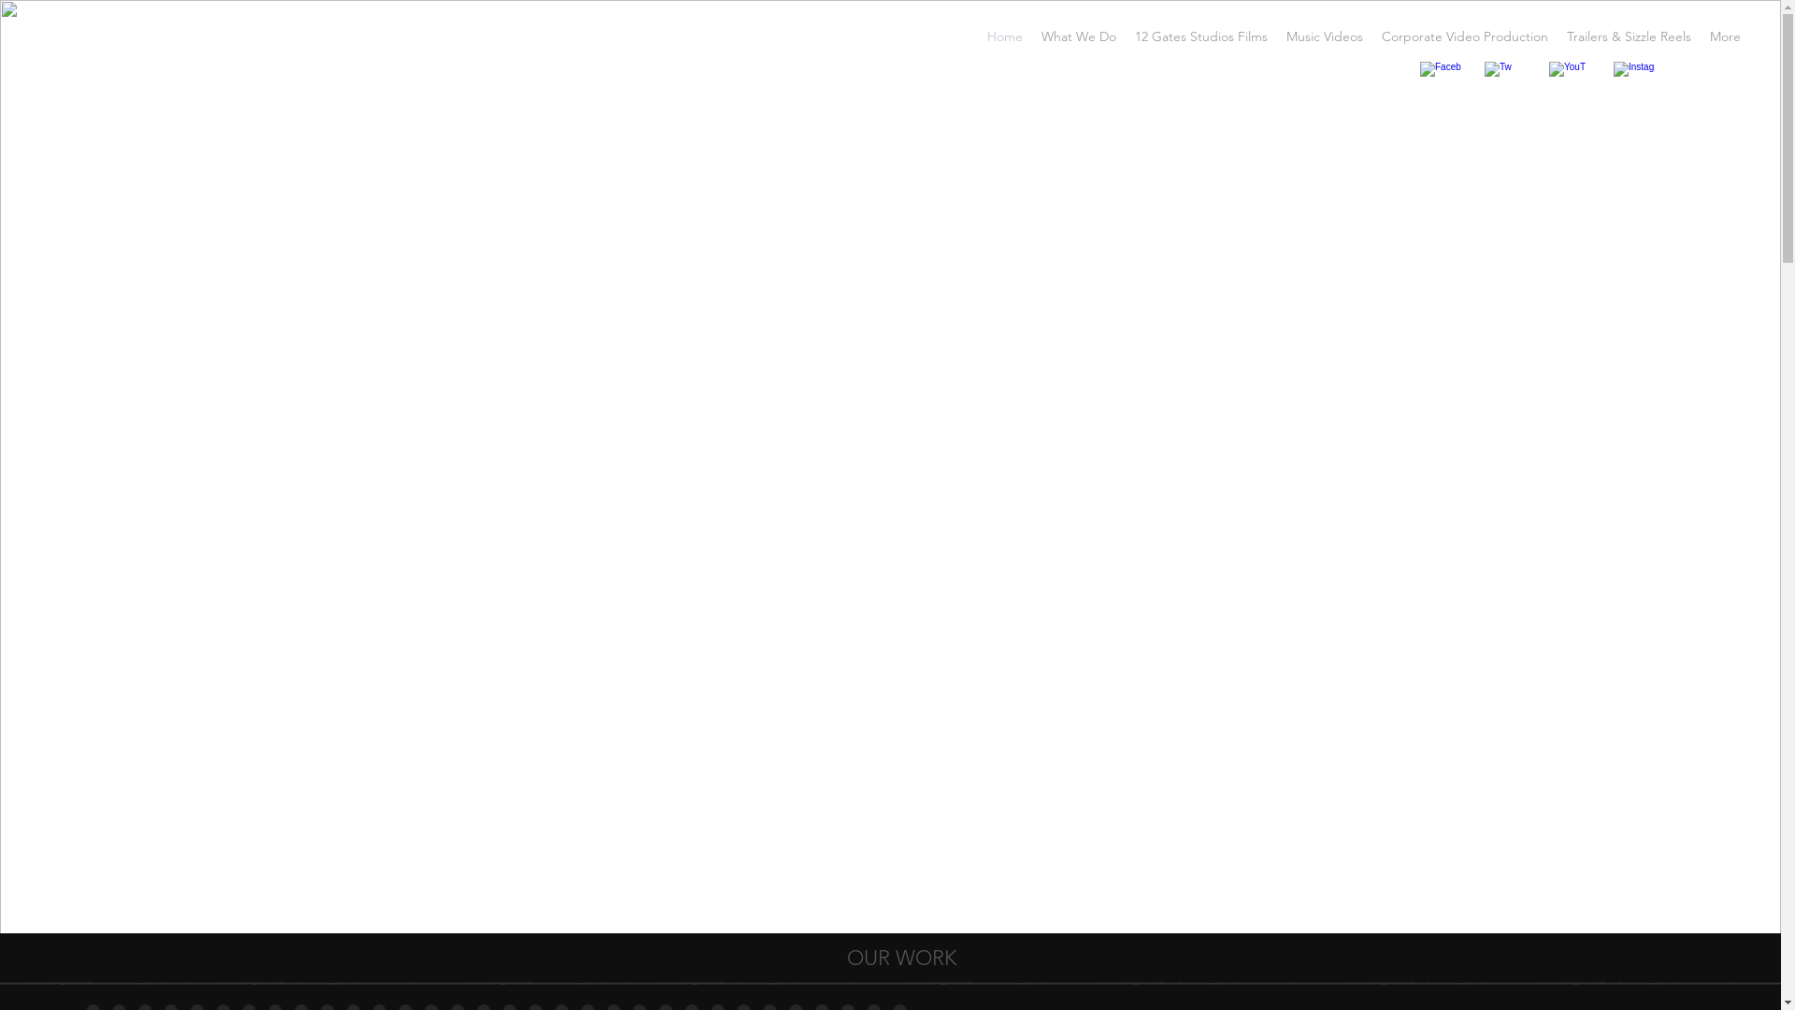 This screenshot has height=1010, width=1795. What do you see at coordinates (1628, 36) in the screenshot?
I see `'Trailers & Sizzle Reels'` at bounding box center [1628, 36].